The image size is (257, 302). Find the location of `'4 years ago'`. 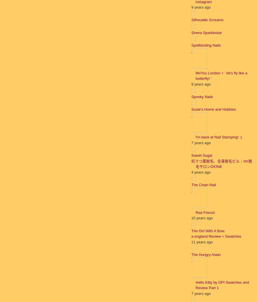

'4 years ago' is located at coordinates (200, 172).